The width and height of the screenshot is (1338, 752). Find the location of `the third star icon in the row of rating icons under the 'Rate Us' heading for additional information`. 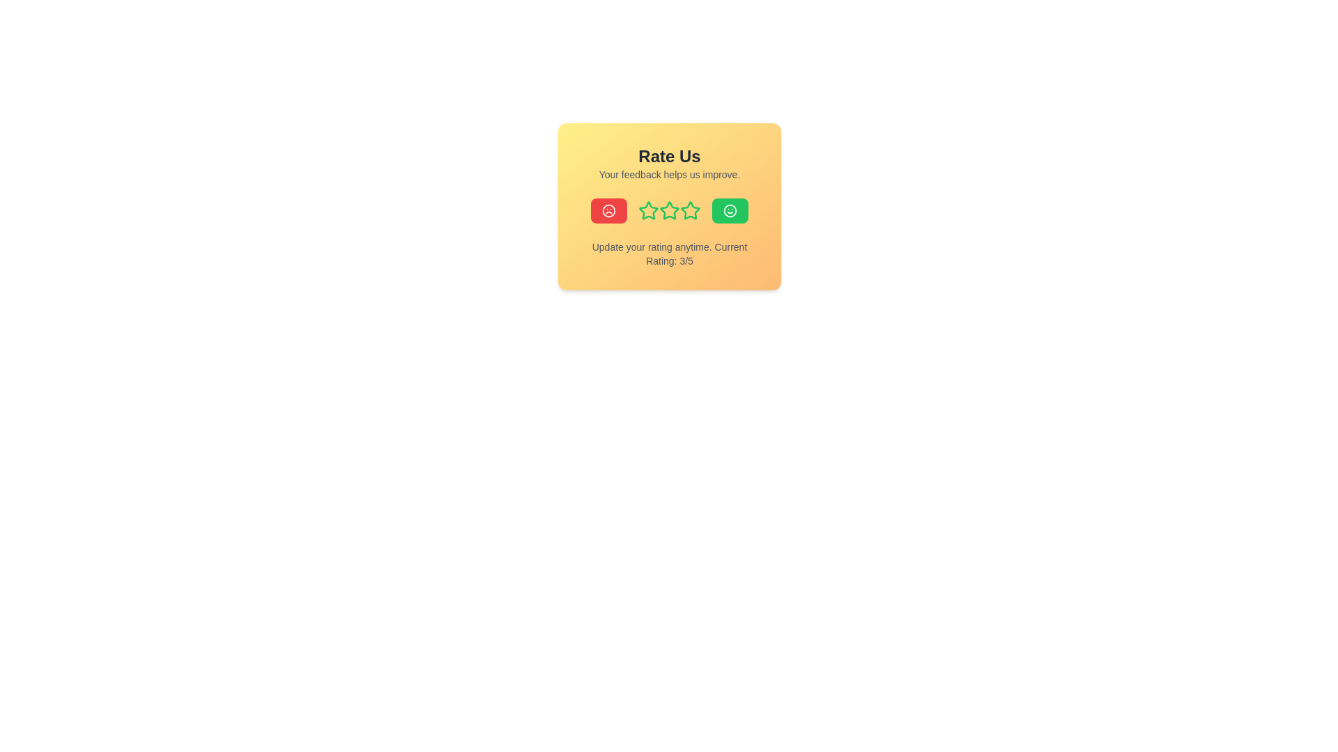

the third star icon in the row of rating icons under the 'Rate Us' heading for additional information is located at coordinates (648, 210).